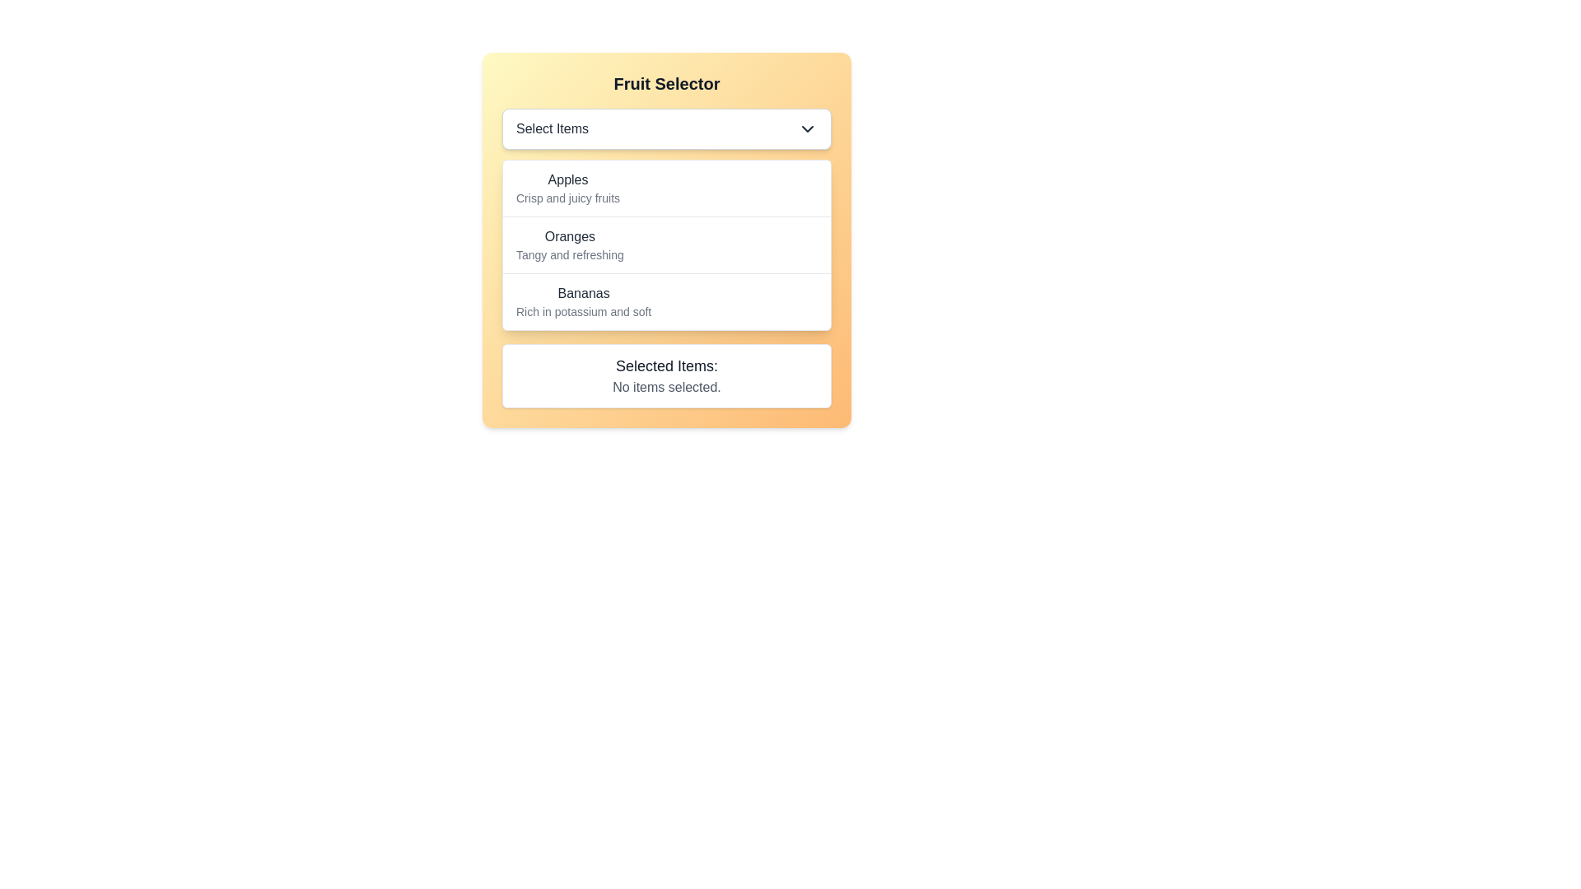  I want to click on the 'Select Items' dropdown trigger button, so click(667, 128).